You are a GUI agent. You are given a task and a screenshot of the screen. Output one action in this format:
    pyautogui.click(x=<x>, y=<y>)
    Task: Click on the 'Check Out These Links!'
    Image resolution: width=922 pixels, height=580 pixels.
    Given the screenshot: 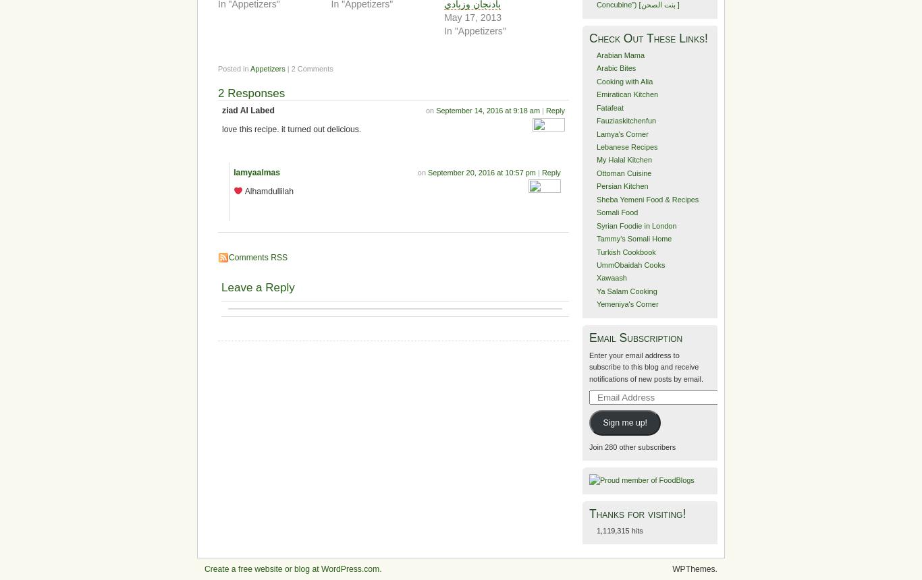 What is the action you would take?
    pyautogui.click(x=589, y=36)
    